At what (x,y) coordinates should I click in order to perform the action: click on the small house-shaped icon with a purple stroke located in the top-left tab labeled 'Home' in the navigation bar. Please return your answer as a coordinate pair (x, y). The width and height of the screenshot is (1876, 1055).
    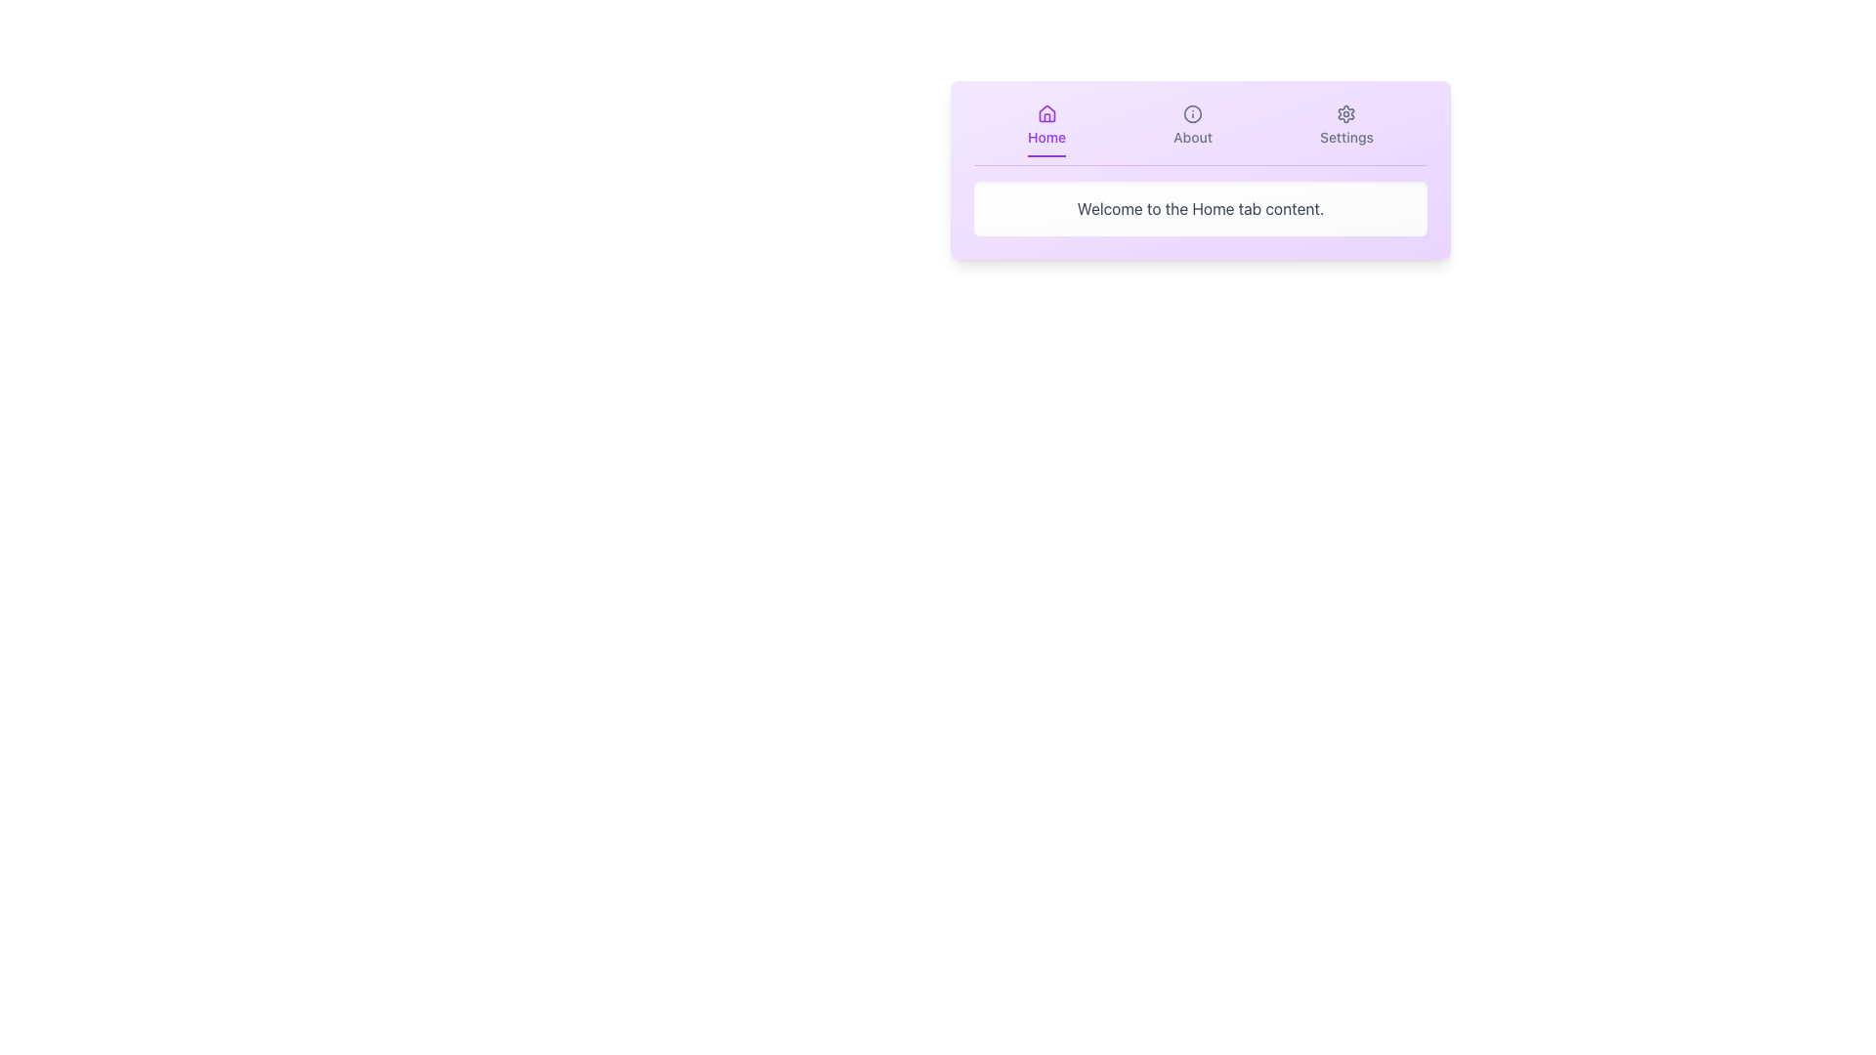
    Looking at the image, I should click on (1045, 113).